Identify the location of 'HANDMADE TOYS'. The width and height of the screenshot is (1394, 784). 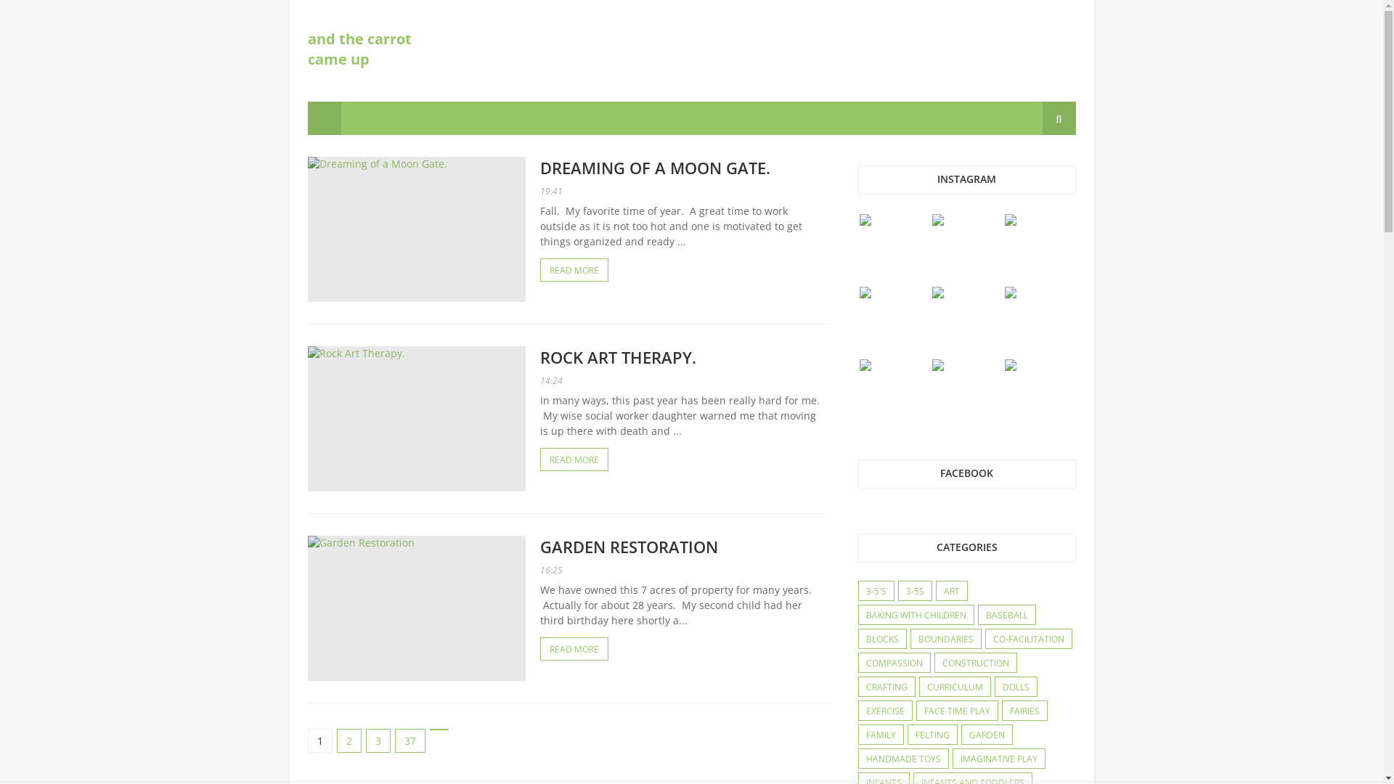
(902, 758).